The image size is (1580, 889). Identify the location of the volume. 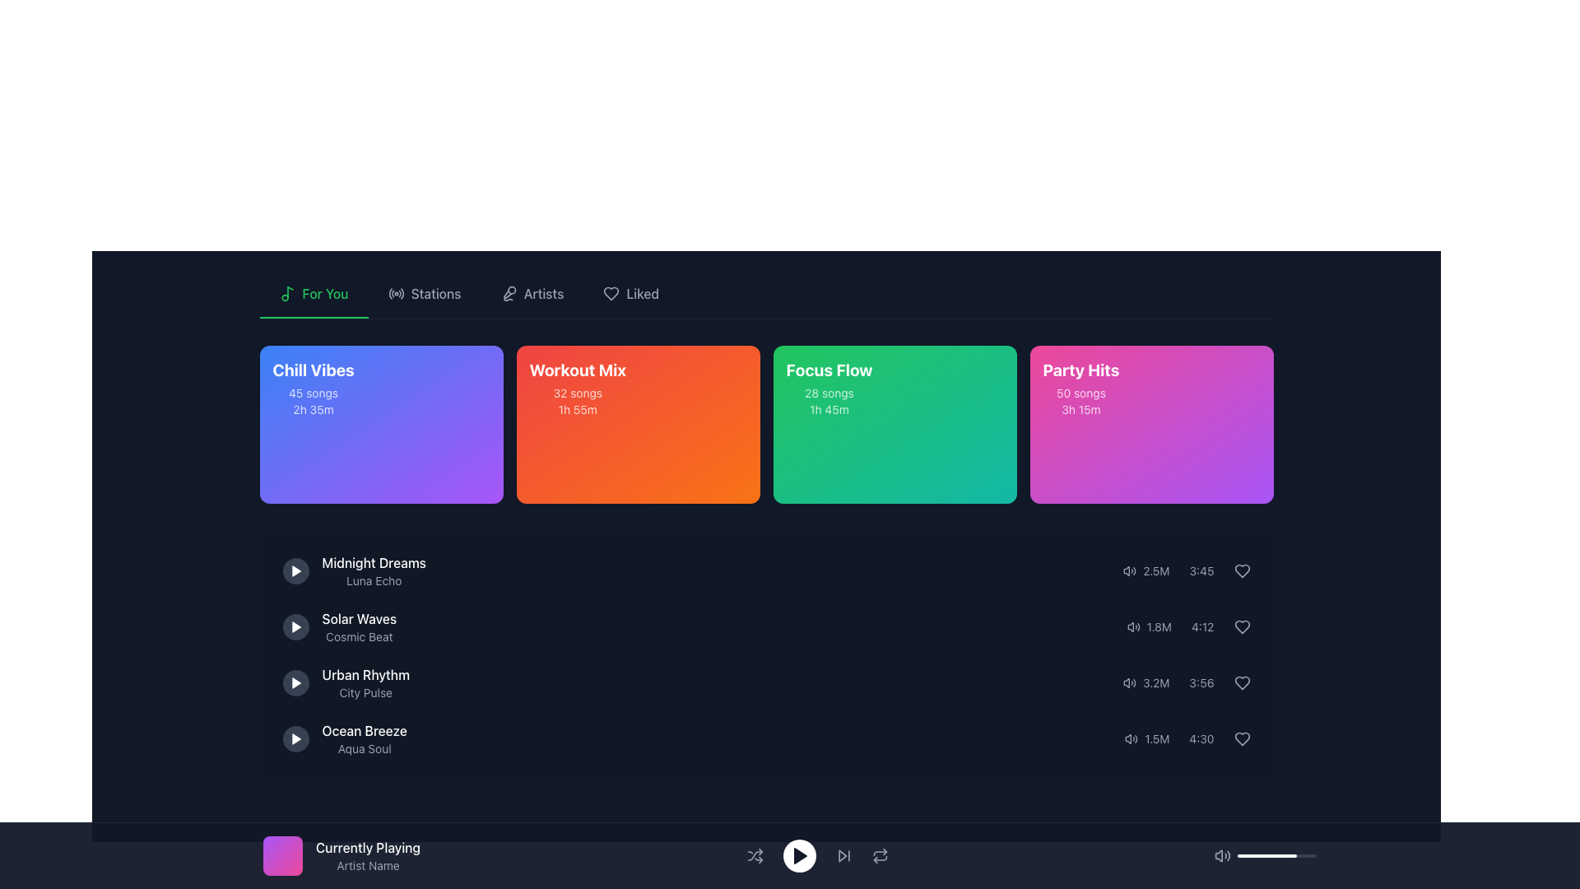
(1248, 855).